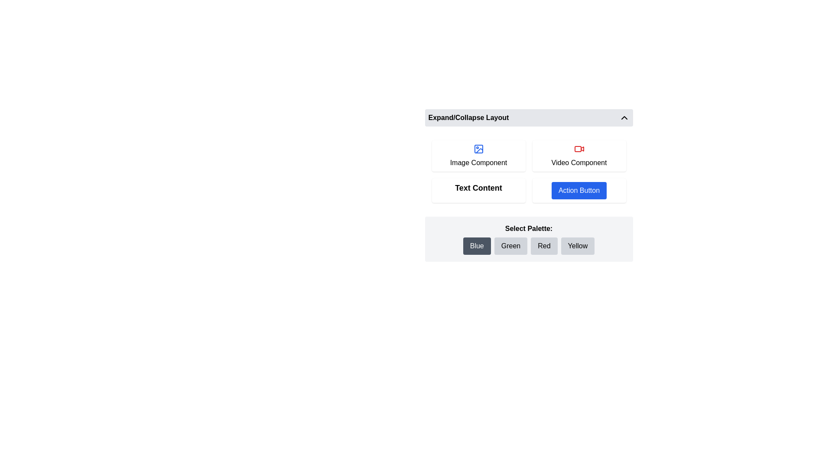  I want to click on the 'Red' color selection button, which is the third button in a row of four buttons labeled 'Blue', 'Green', 'Red', and 'Yellow', located in the 'Select Palette:' section, so click(543, 246).